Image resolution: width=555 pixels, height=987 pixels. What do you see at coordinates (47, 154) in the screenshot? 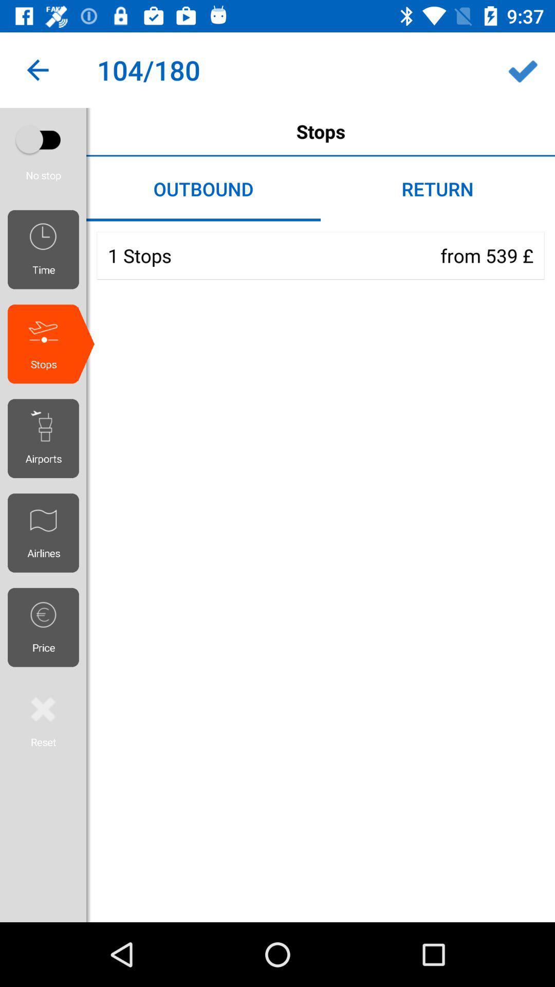
I see `the item to the left of the outbound item` at bounding box center [47, 154].